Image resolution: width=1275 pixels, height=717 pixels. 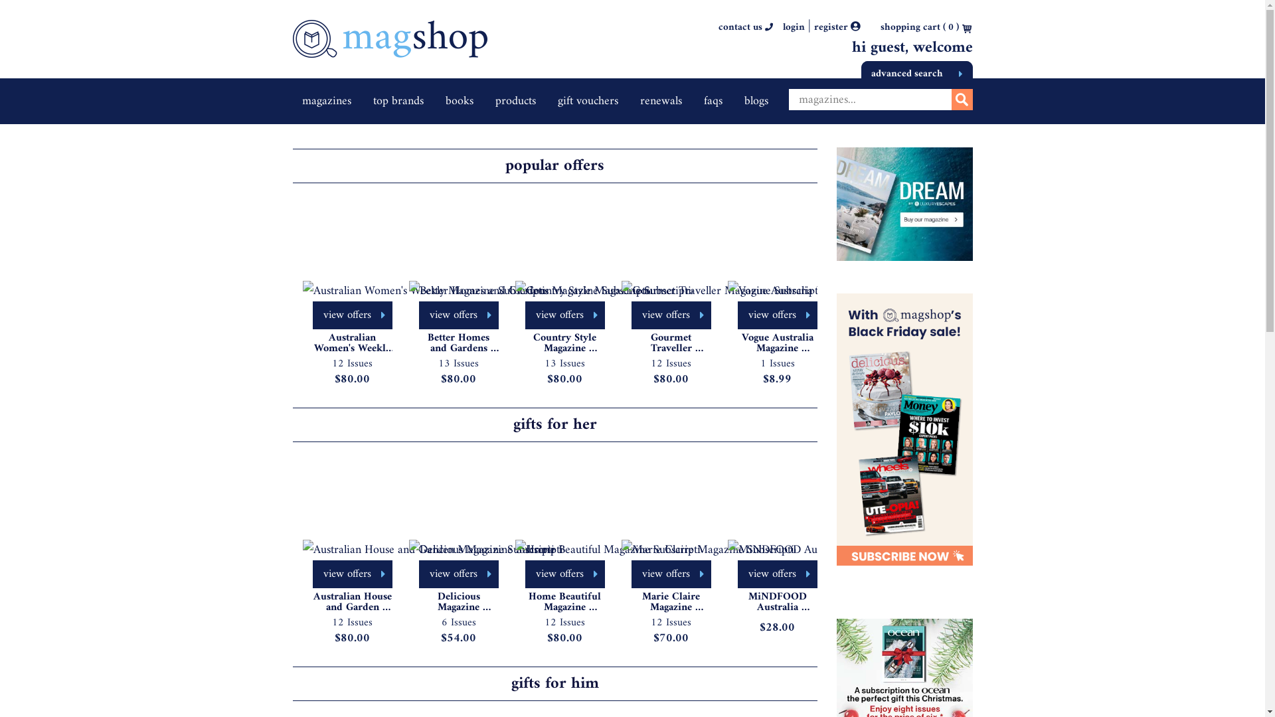 I want to click on 'top brands', so click(x=398, y=100).